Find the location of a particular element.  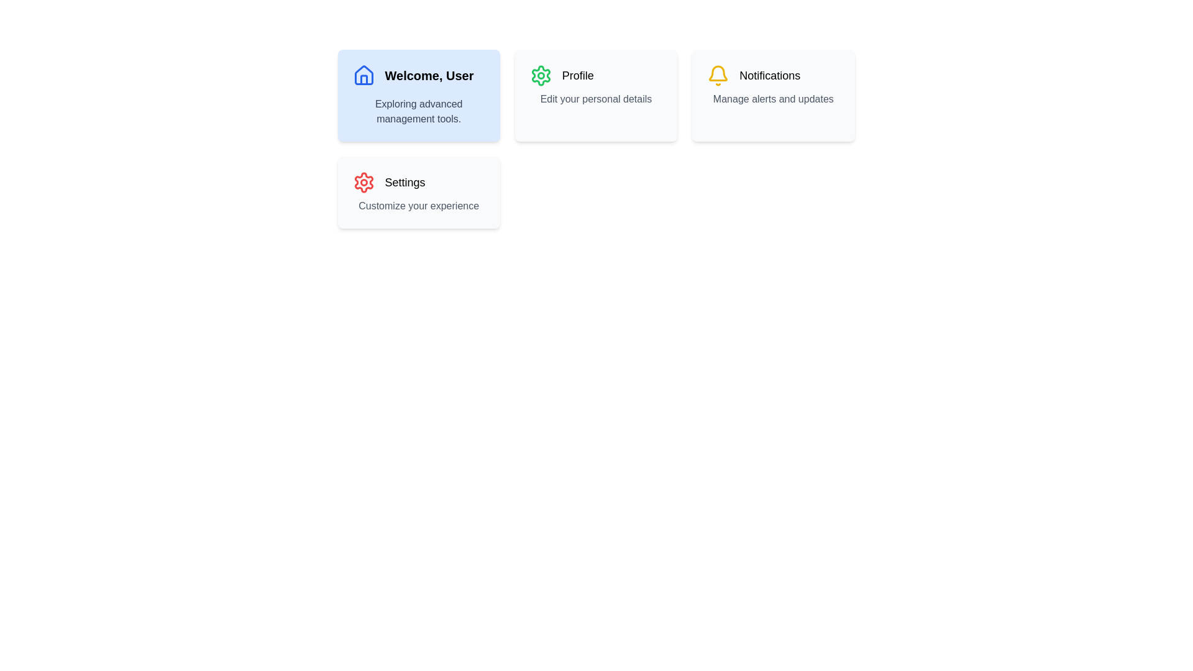

text element that displays 'Welcome, User' styled as a header on a light blue background card, located in the first row and leftmost column of the grid layout, to the right of the house icon is located at coordinates (429, 76).